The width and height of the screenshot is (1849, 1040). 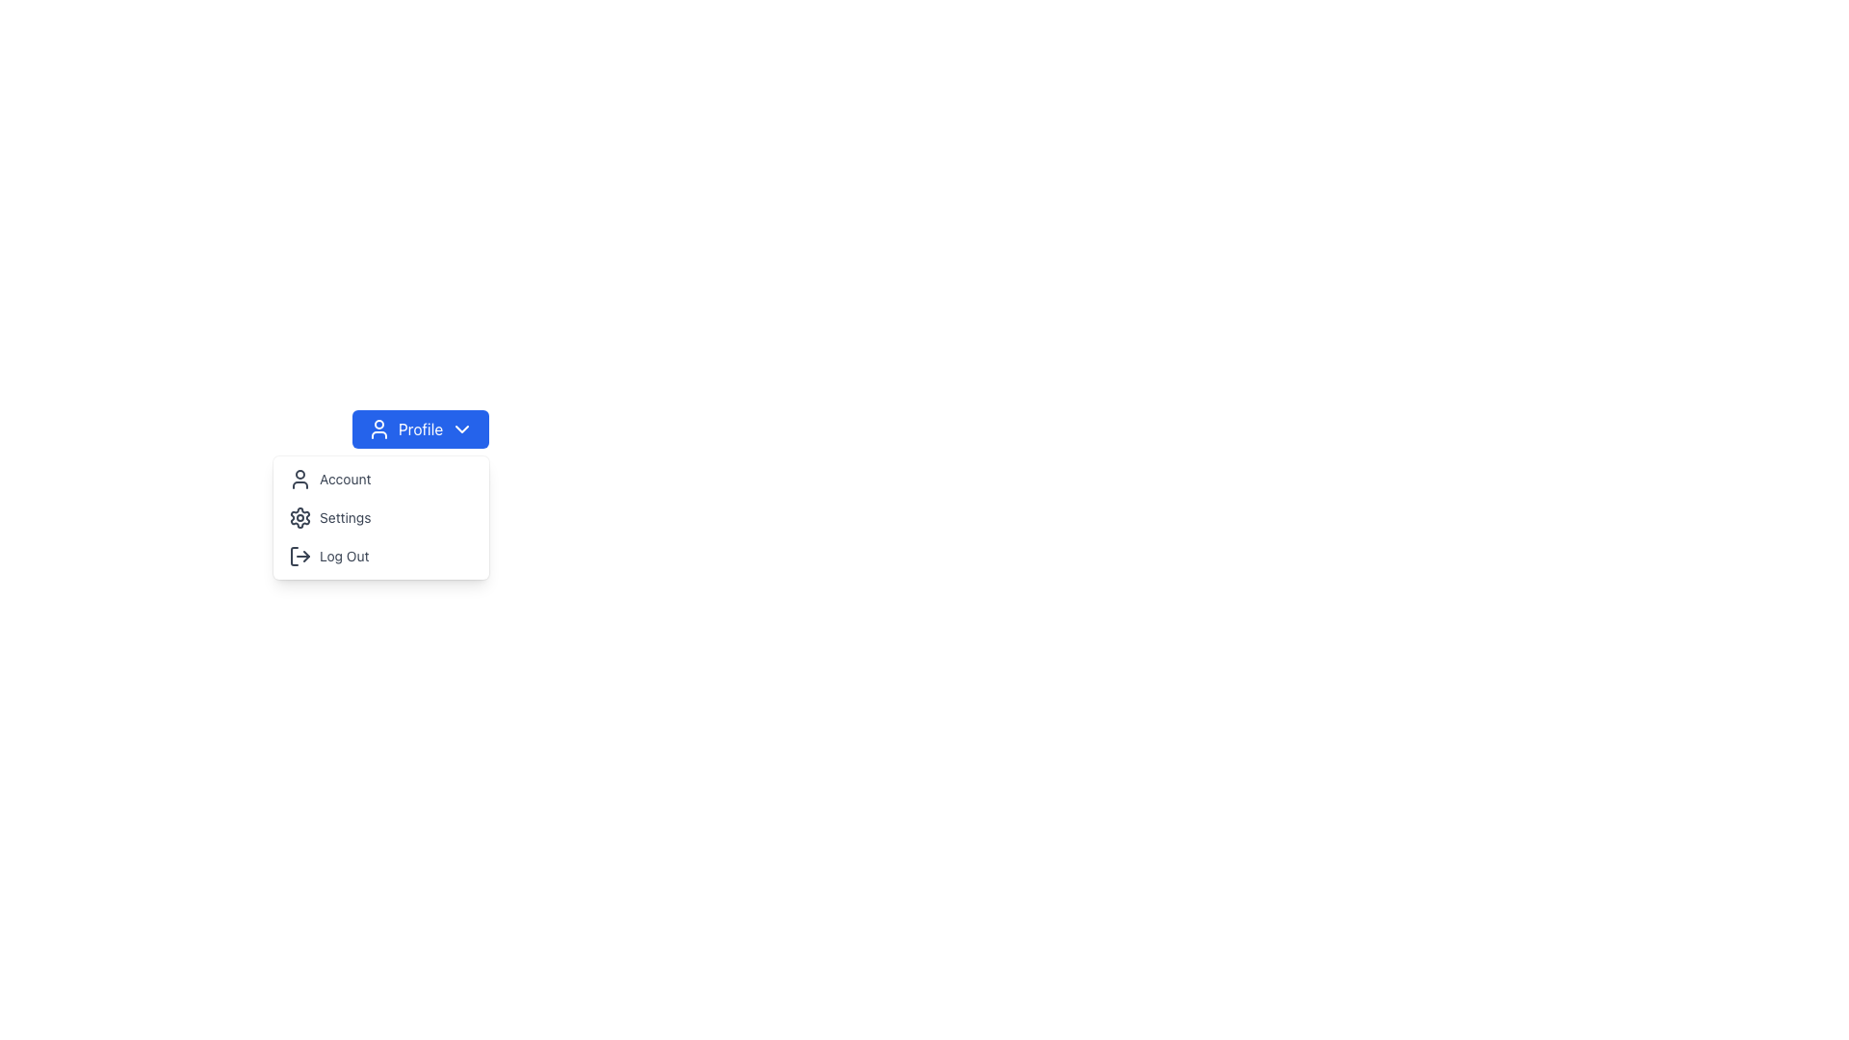 I want to click on the settings icon, which is the second item in the dropdown menu's icon list, so click(x=299, y=516).